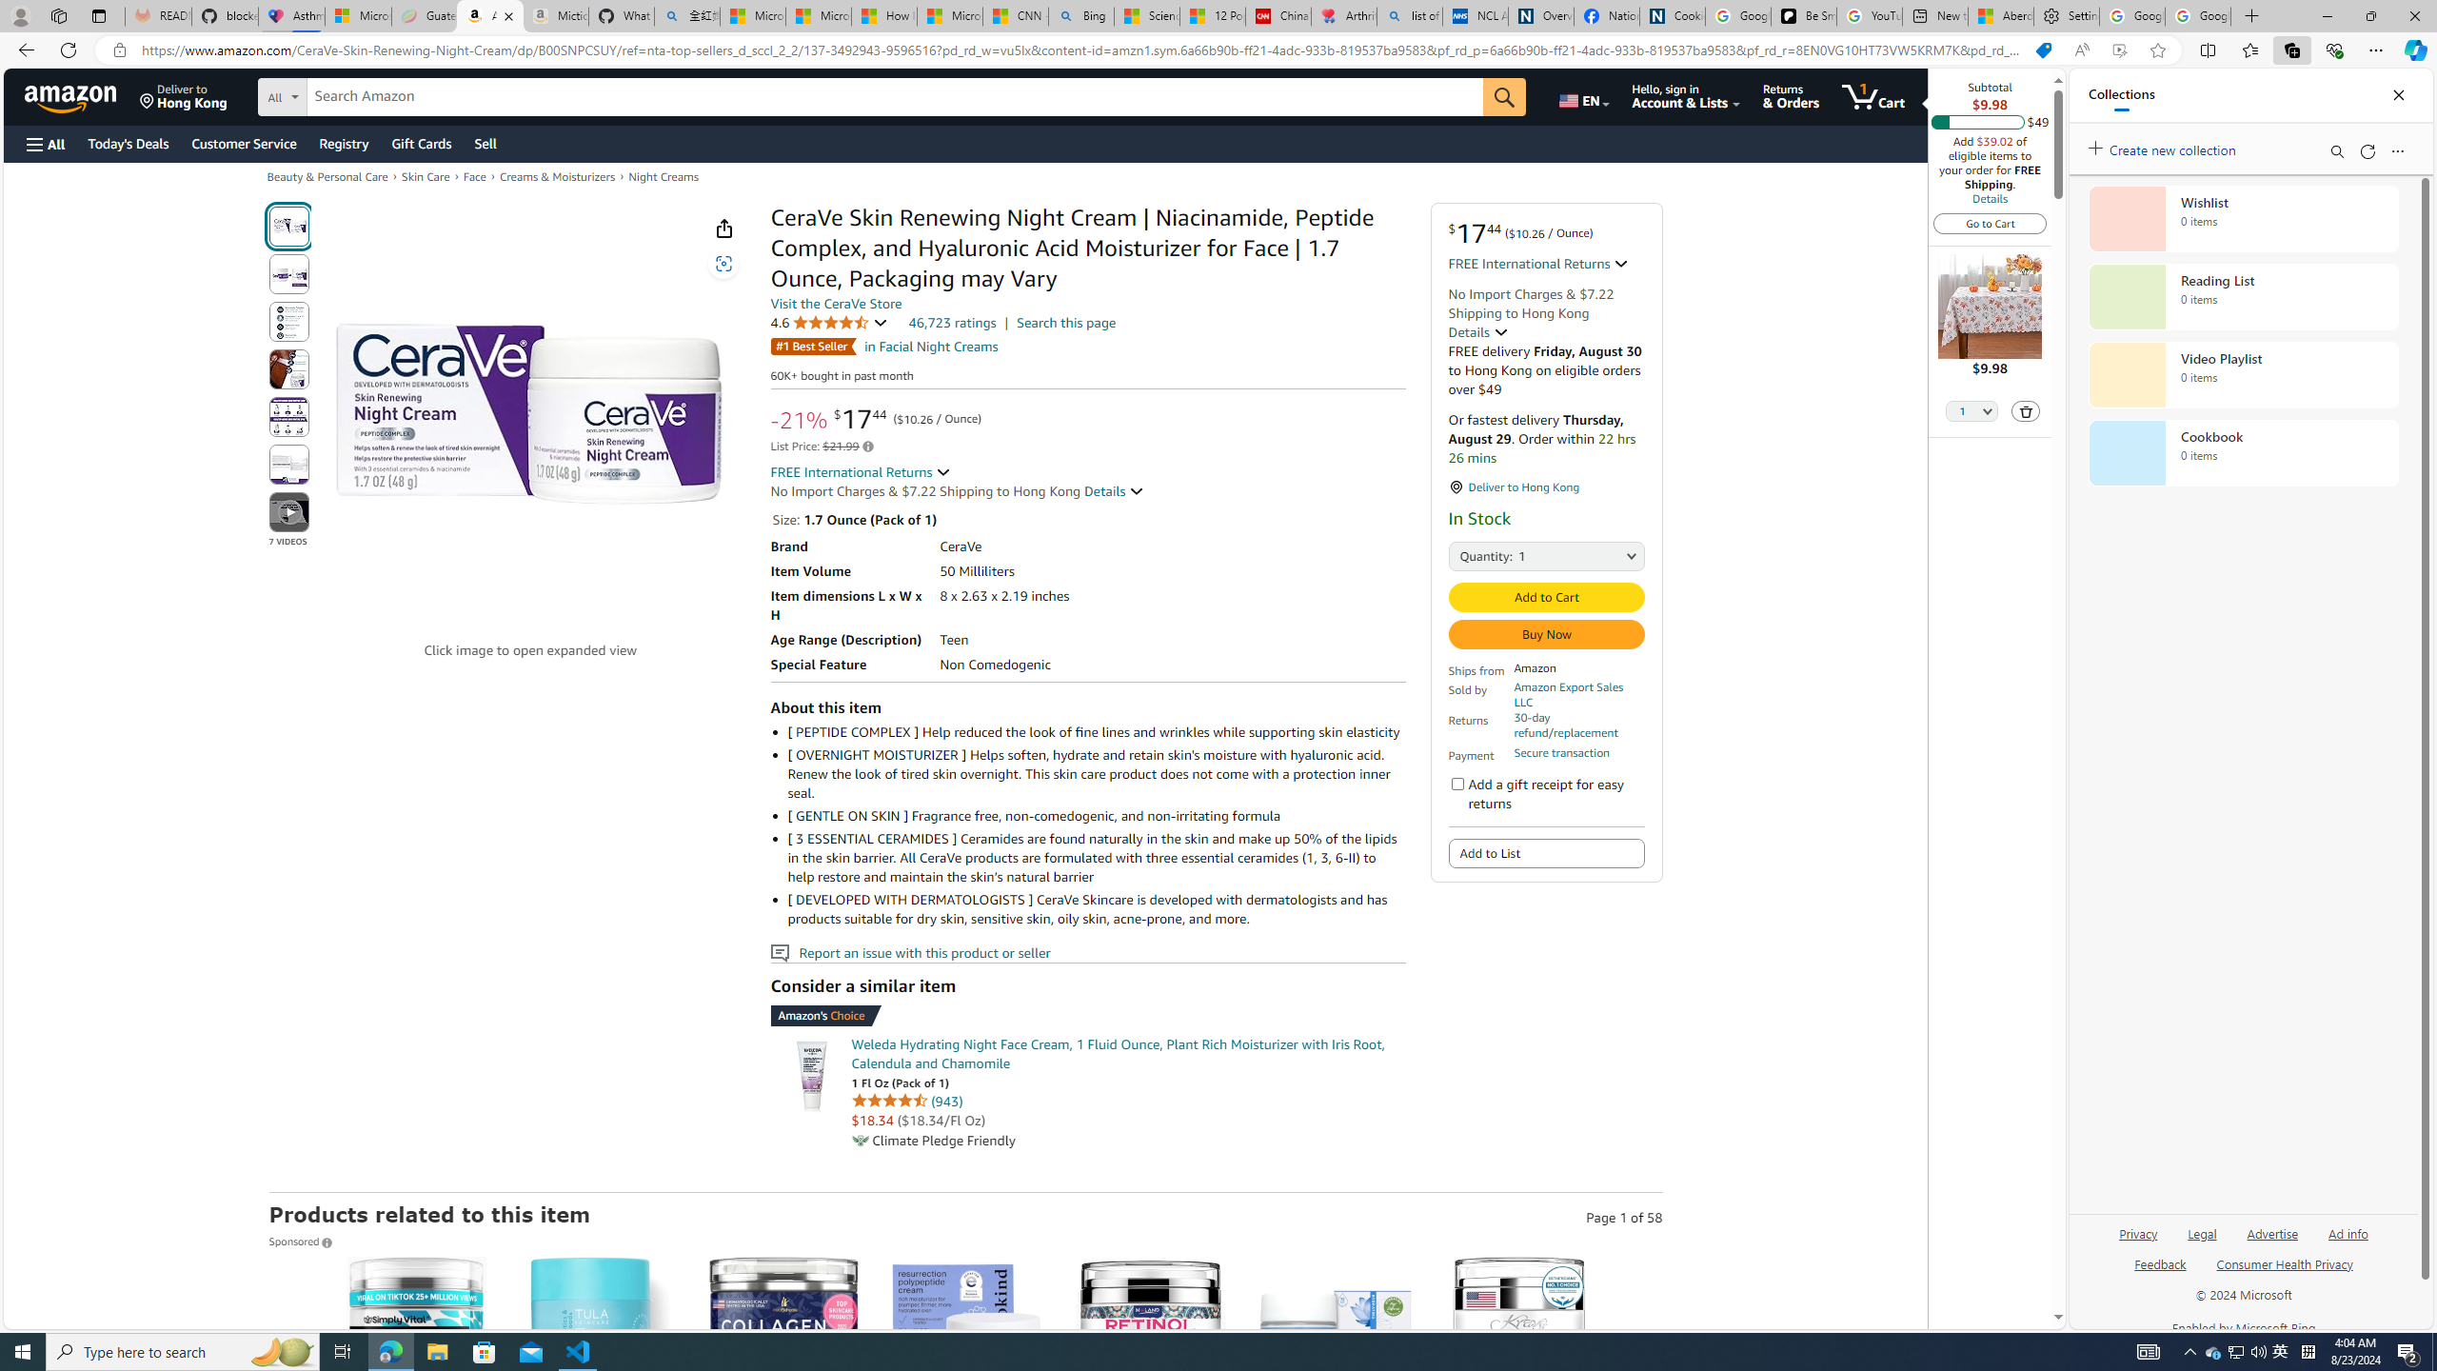 The width and height of the screenshot is (2437, 1371). Describe the element at coordinates (1582, 95) in the screenshot. I see `'Choose a language for shopping.'` at that location.